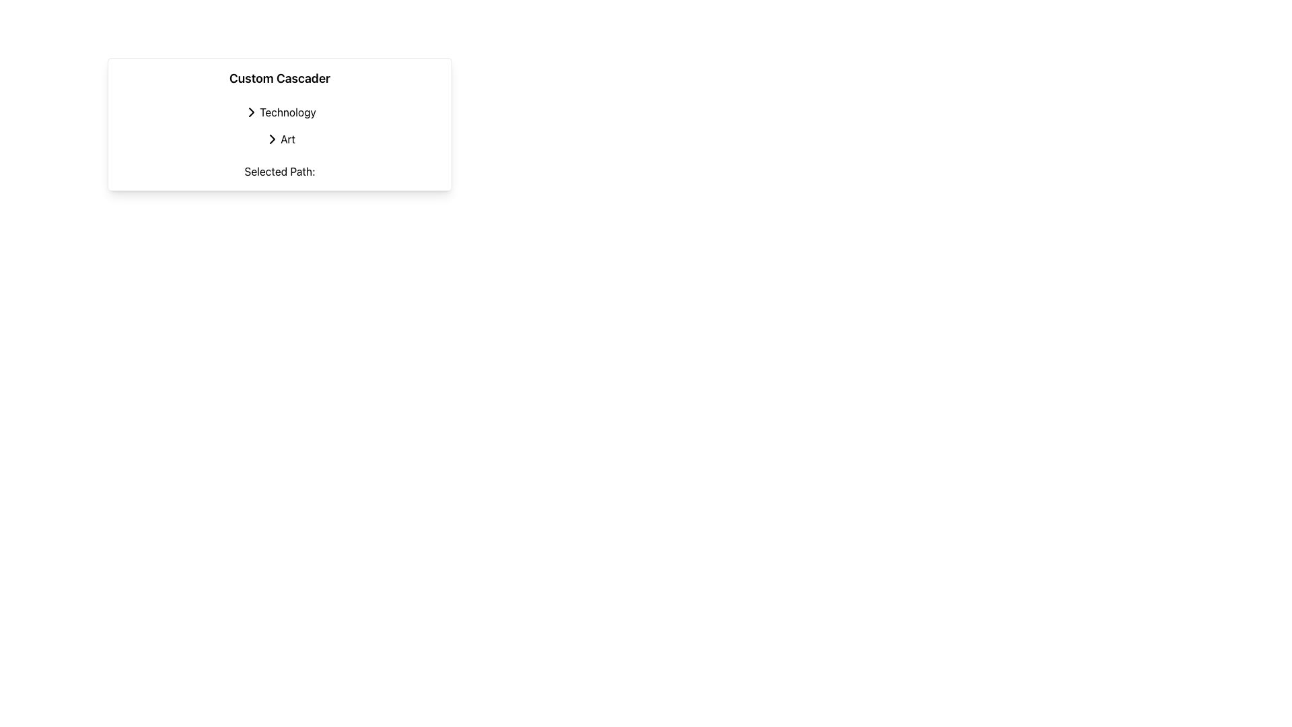 This screenshot has height=727, width=1292. I want to click on the first clickable menu item labeled 'Technology' in the vertical menu, so click(279, 111).